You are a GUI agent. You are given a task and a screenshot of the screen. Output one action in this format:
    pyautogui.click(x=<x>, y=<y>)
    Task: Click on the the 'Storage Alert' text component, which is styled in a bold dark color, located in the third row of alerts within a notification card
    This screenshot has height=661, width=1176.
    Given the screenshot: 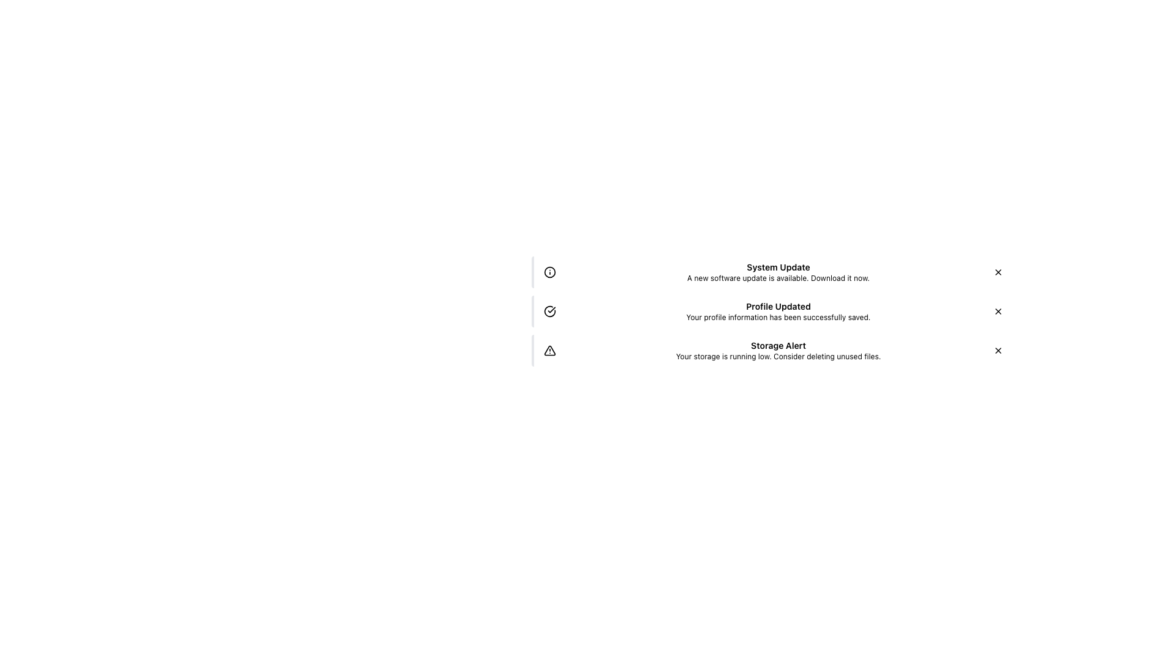 What is the action you would take?
    pyautogui.click(x=778, y=345)
    